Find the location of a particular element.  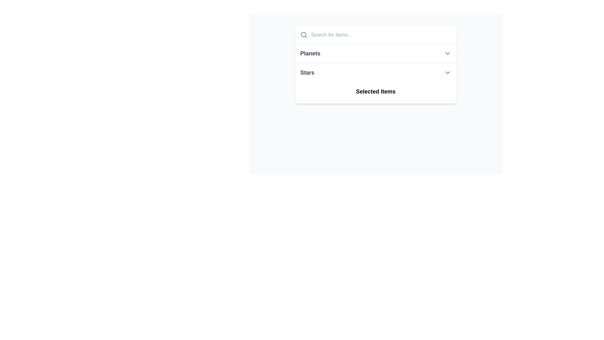

the chevron-down icon located at the far right of the 'Stars' bar is located at coordinates (447, 72).